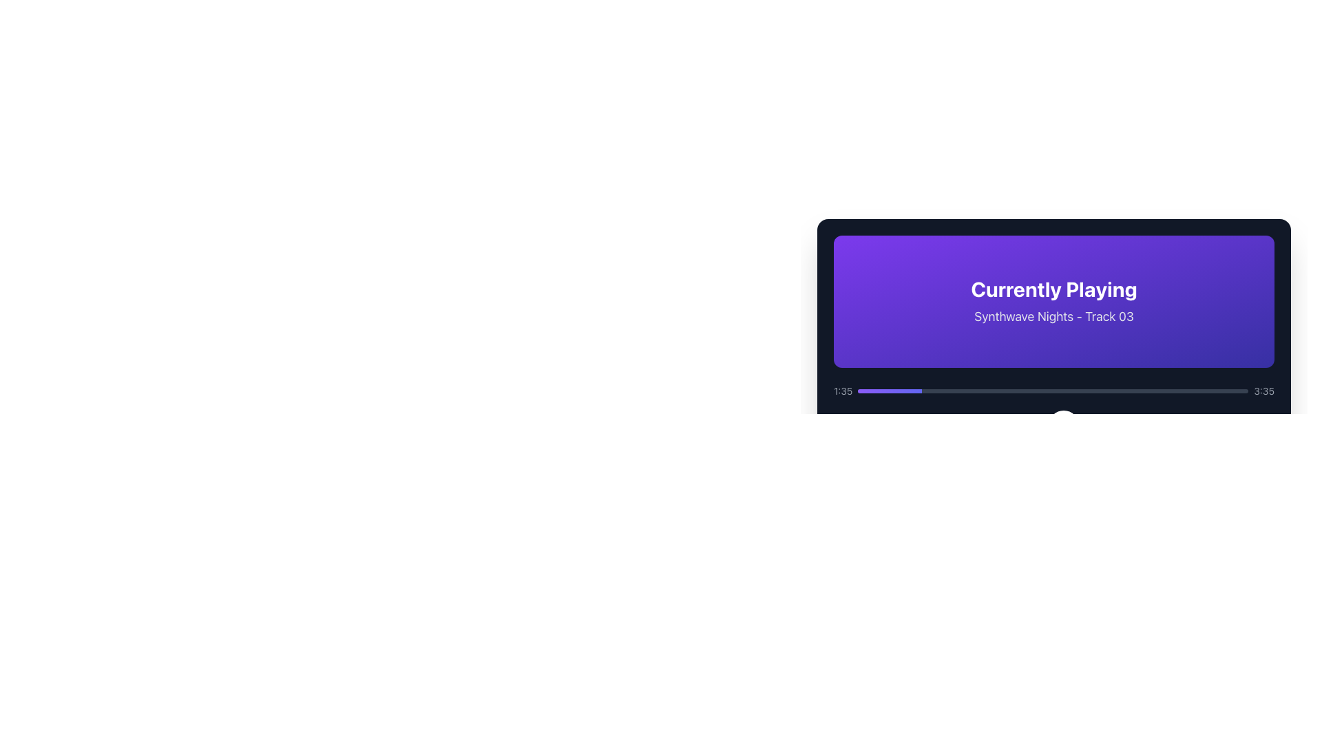 The width and height of the screenshot is (1322, 744). Describe the element at coordinates (870, 391) in the screenshot. I see `the playback position` at that location.